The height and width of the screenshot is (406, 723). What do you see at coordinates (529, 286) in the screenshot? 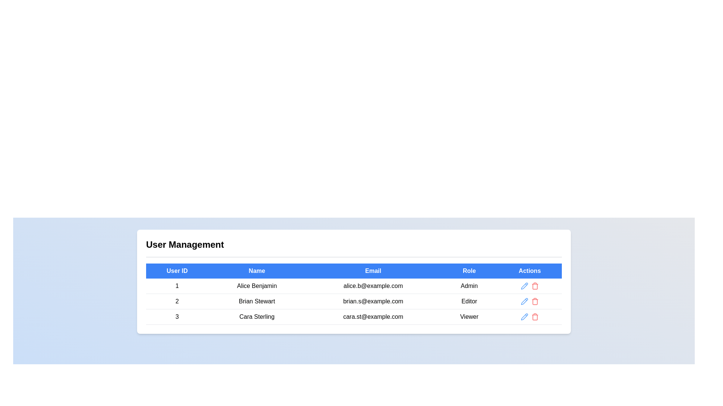
I see `the delete icon in the Actions column for the first user row in the table, which is part of an interactive control group for user information management` at bounding box center [529, 286].